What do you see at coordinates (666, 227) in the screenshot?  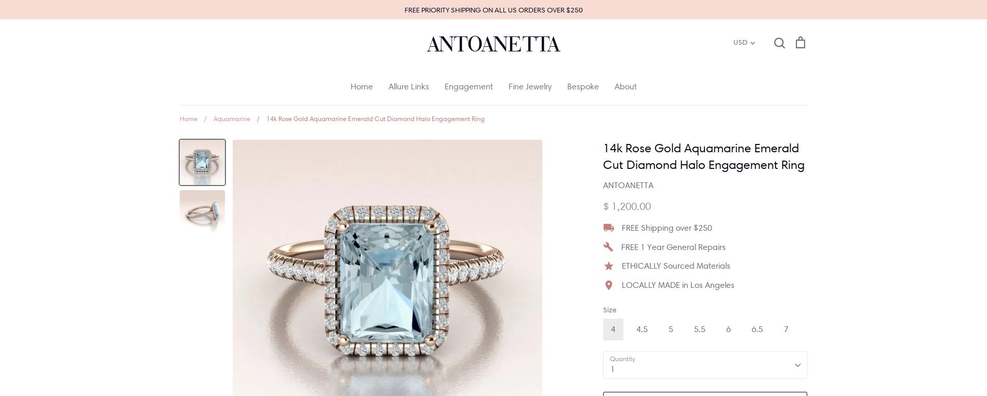 I see `'FREE Shipping over $250'` at bounding box center [666, 227].